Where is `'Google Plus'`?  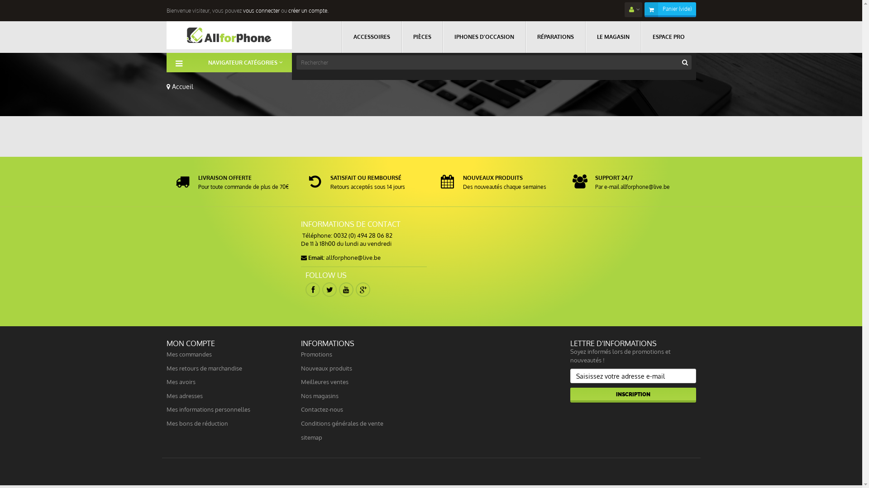 'Google Plus' is located at coordinates (363, 289).